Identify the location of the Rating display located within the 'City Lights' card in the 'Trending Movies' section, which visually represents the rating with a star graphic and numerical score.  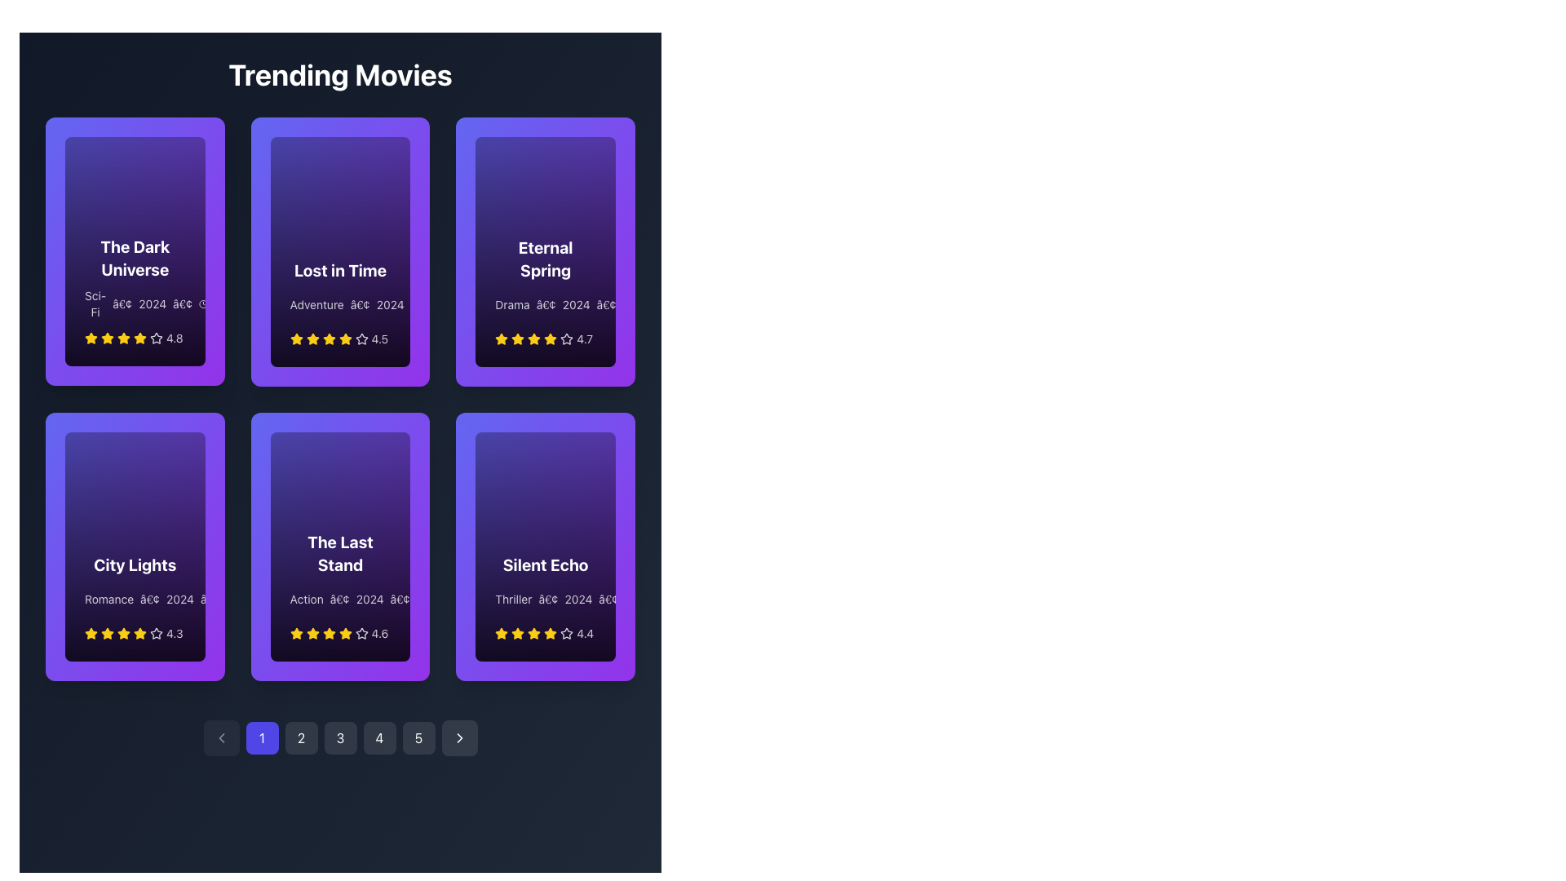
(135, 632).